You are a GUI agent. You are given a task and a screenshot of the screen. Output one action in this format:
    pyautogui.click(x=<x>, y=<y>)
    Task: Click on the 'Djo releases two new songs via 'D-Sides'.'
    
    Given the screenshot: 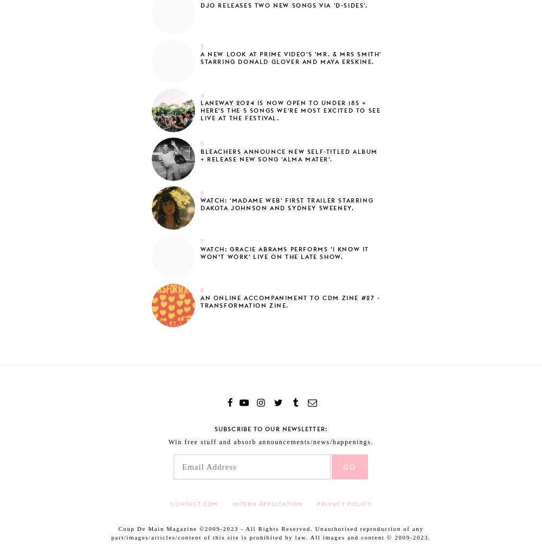 What is the action you would take?
    pyautogui.click(x=284, y=4)
    